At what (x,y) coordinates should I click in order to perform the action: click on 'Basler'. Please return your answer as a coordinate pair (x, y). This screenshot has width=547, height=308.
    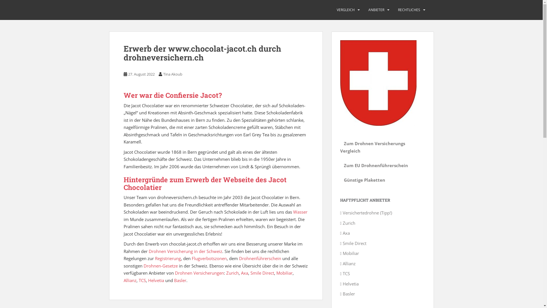
    Looking at the image, I should click on (179, 280).